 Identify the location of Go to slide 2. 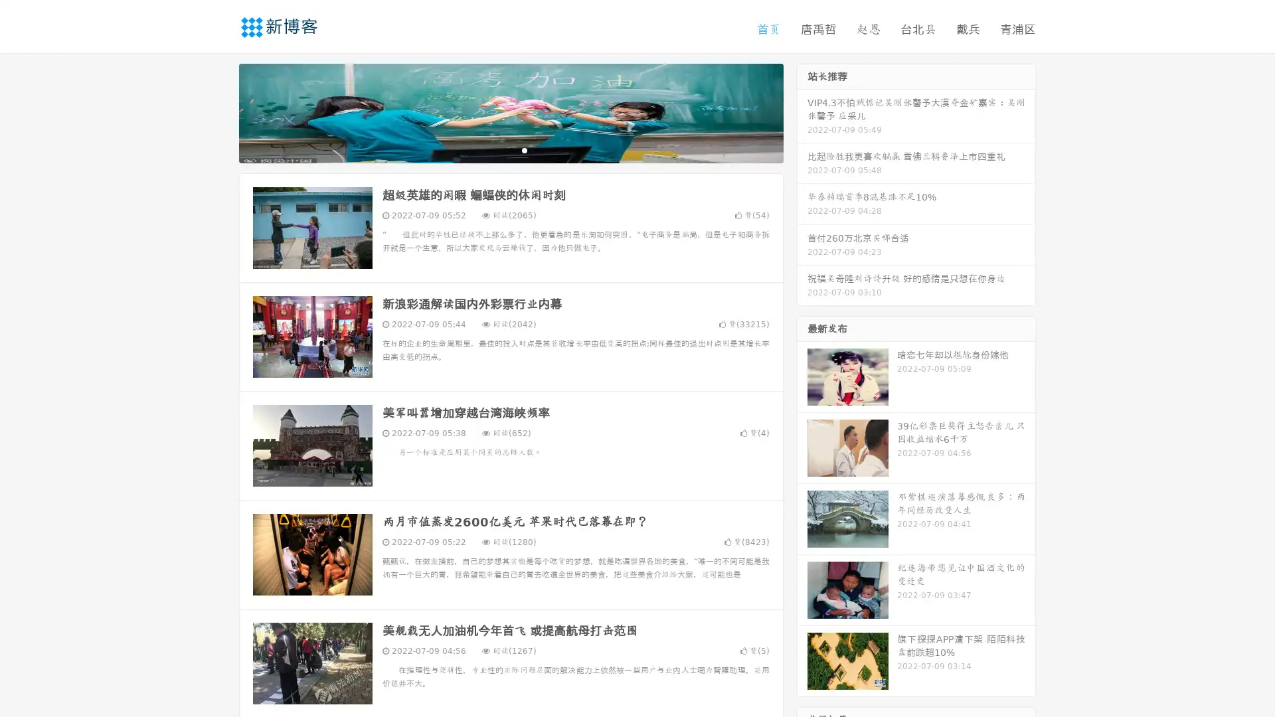
(510, 149).